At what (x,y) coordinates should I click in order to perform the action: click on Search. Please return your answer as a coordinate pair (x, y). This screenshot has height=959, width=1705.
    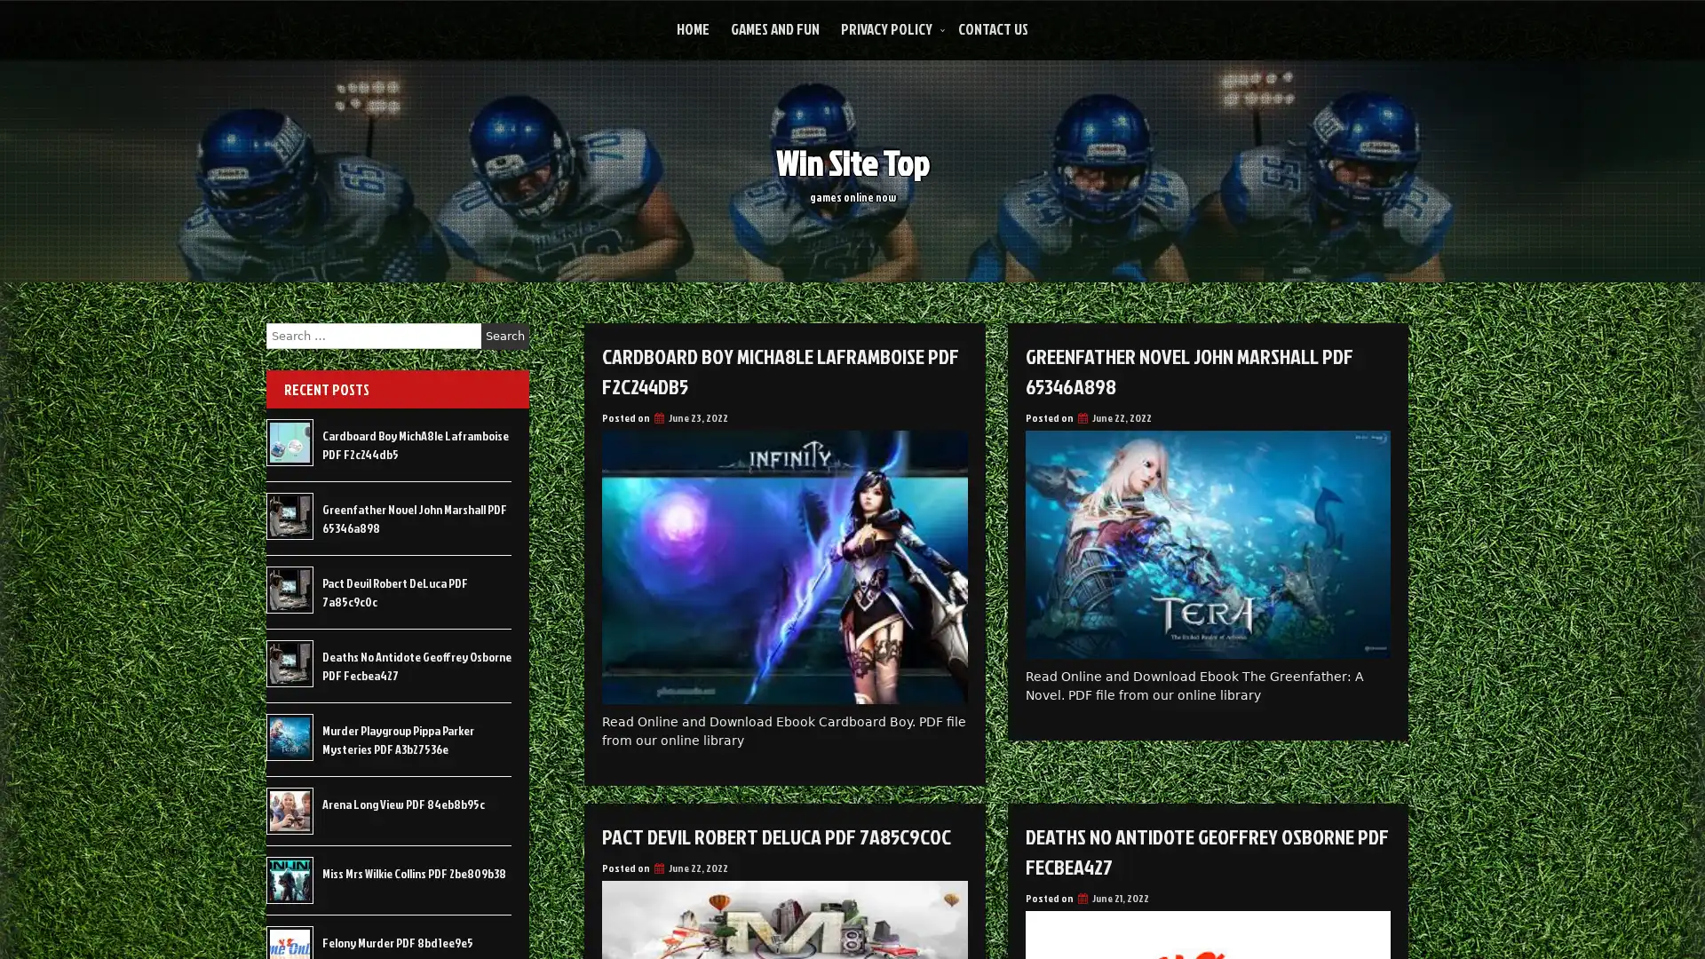
    Looking at the image, I should click on (504, 336).